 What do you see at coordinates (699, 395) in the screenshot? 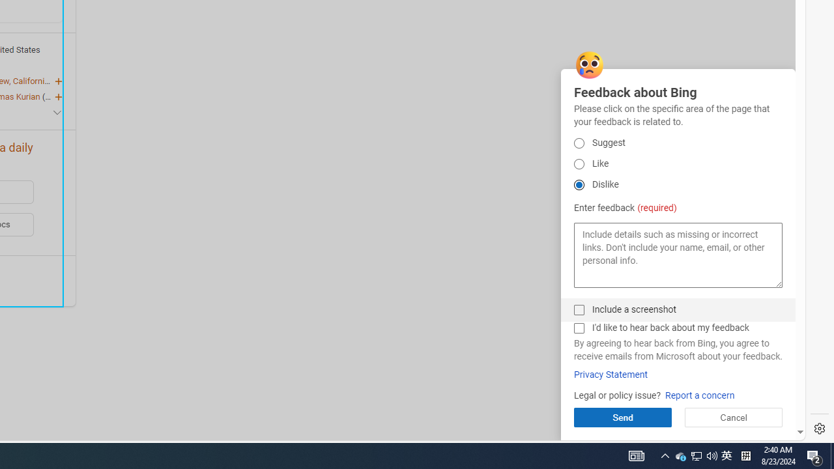
I see `'Report a concern'` at bounding box center [699, 395].